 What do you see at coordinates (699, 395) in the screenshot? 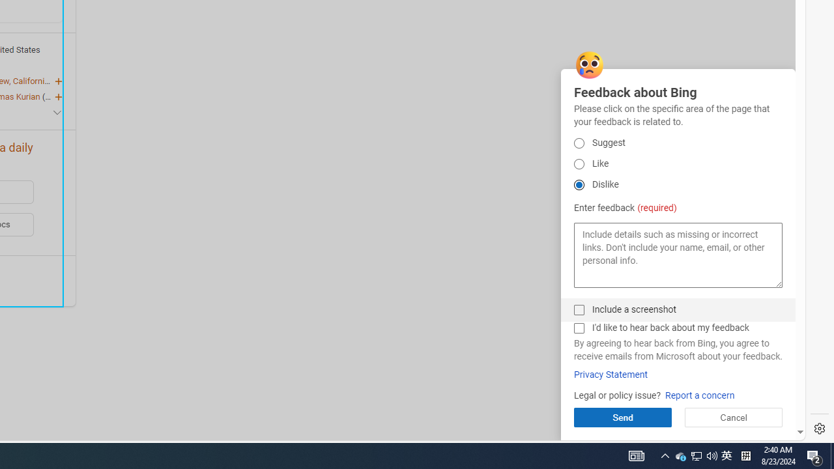
I see `'Report a concern'` at bounding box center [699, 395].